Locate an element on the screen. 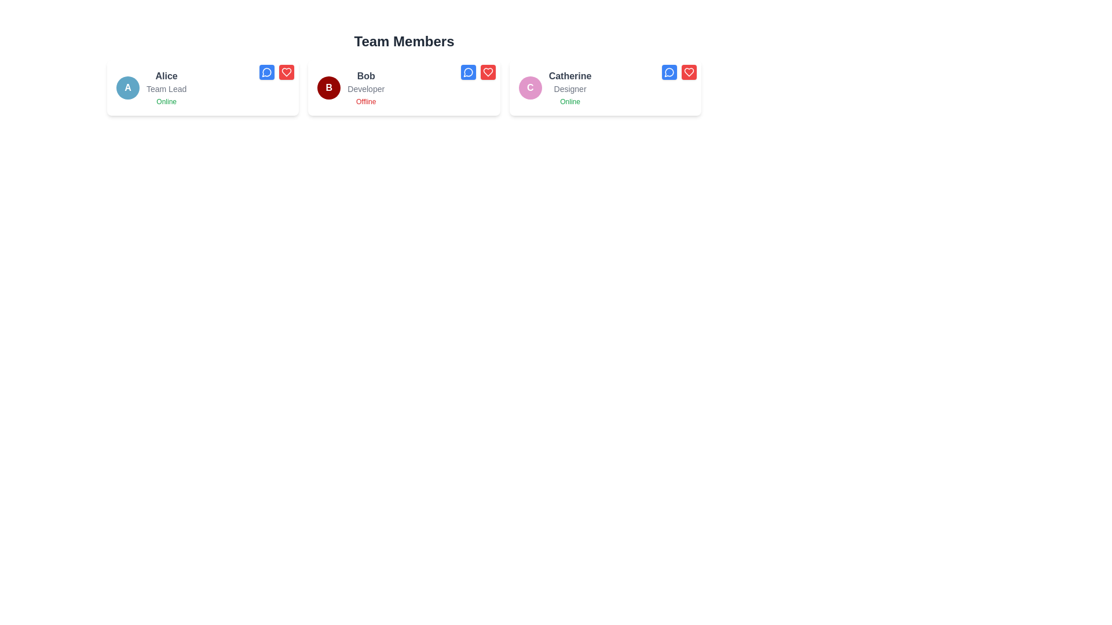 The height and width of the screenshot is (625, 1112). the messaging icon for user 'Bob' is located at coordinates (468, 72).